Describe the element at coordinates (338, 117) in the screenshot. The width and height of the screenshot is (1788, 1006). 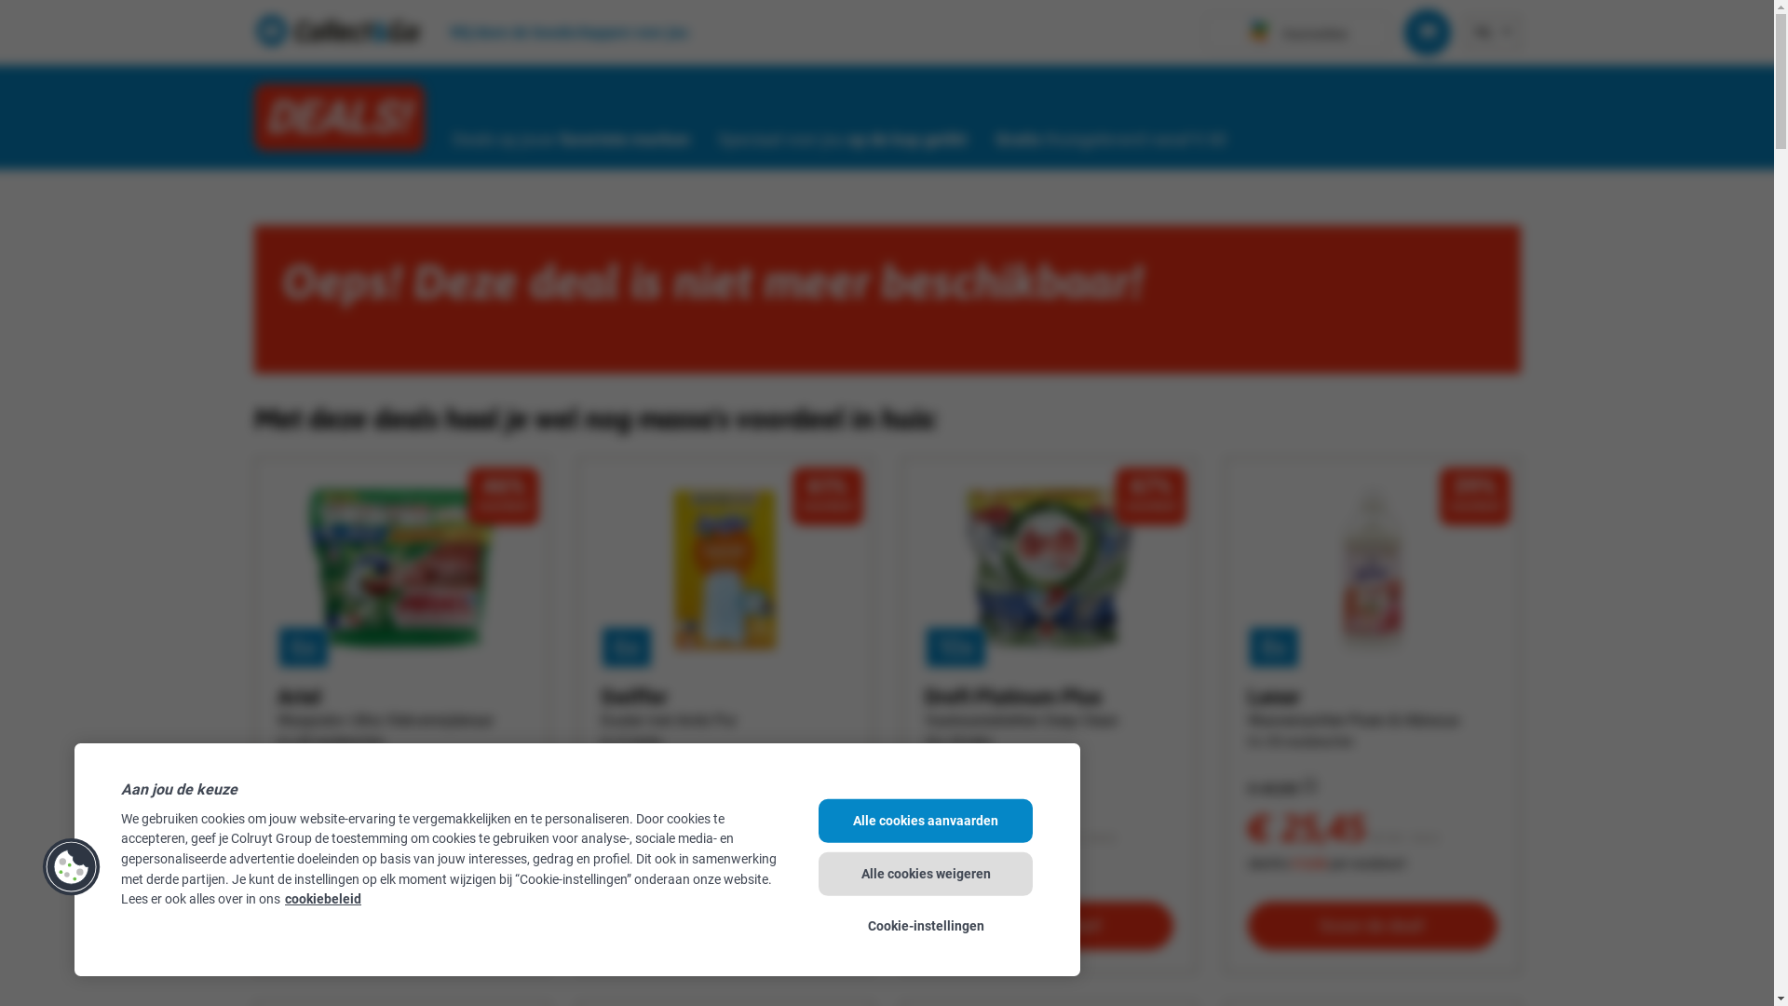
I see `'DEALS!'` at that location.